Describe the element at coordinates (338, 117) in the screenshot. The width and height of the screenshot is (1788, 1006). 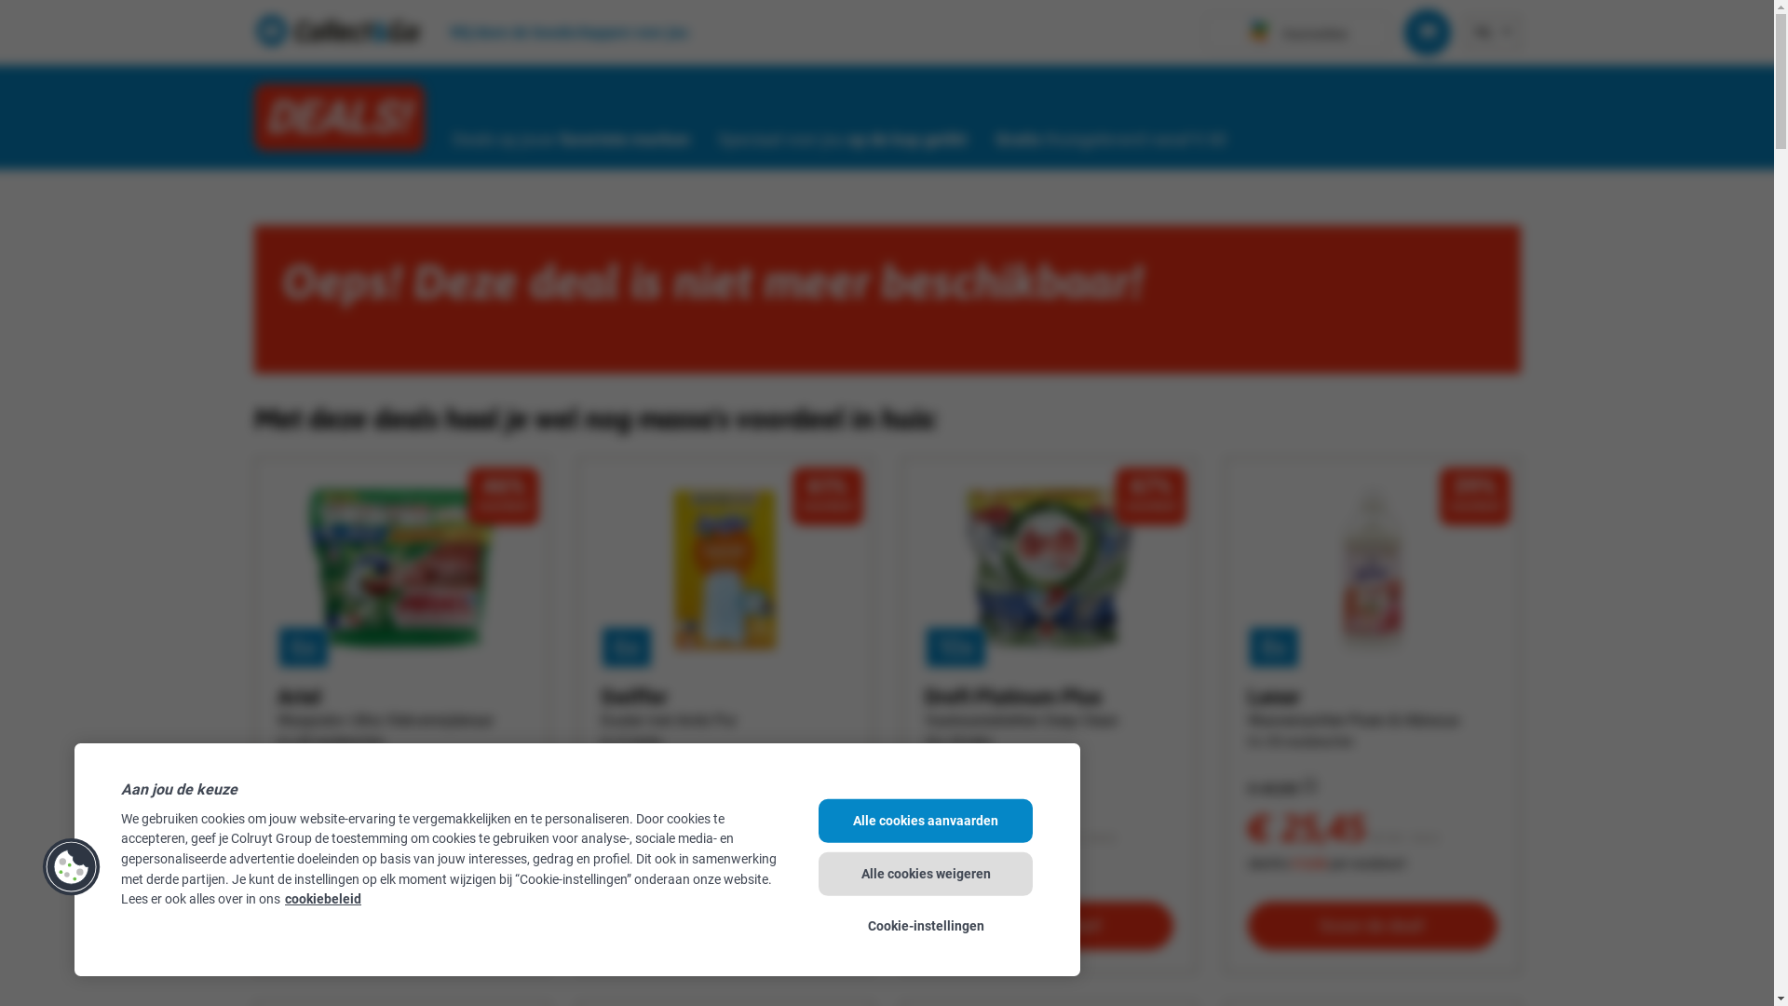
I see `'DEALS!'` at that location.